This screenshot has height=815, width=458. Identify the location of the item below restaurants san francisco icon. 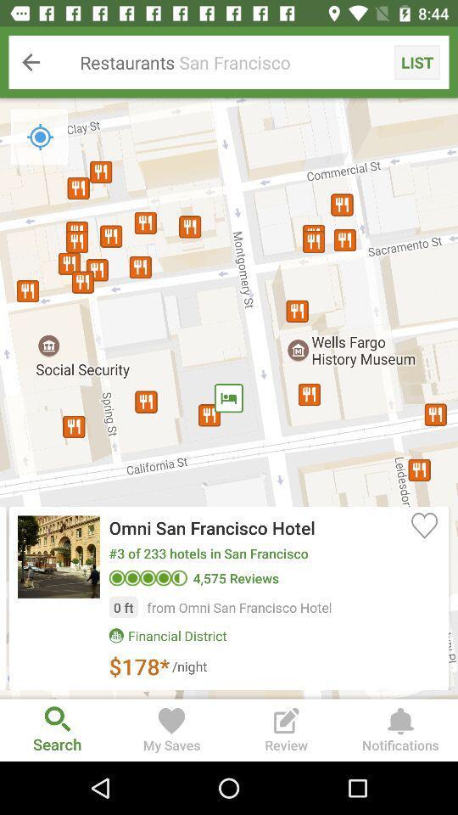
(229, 398).